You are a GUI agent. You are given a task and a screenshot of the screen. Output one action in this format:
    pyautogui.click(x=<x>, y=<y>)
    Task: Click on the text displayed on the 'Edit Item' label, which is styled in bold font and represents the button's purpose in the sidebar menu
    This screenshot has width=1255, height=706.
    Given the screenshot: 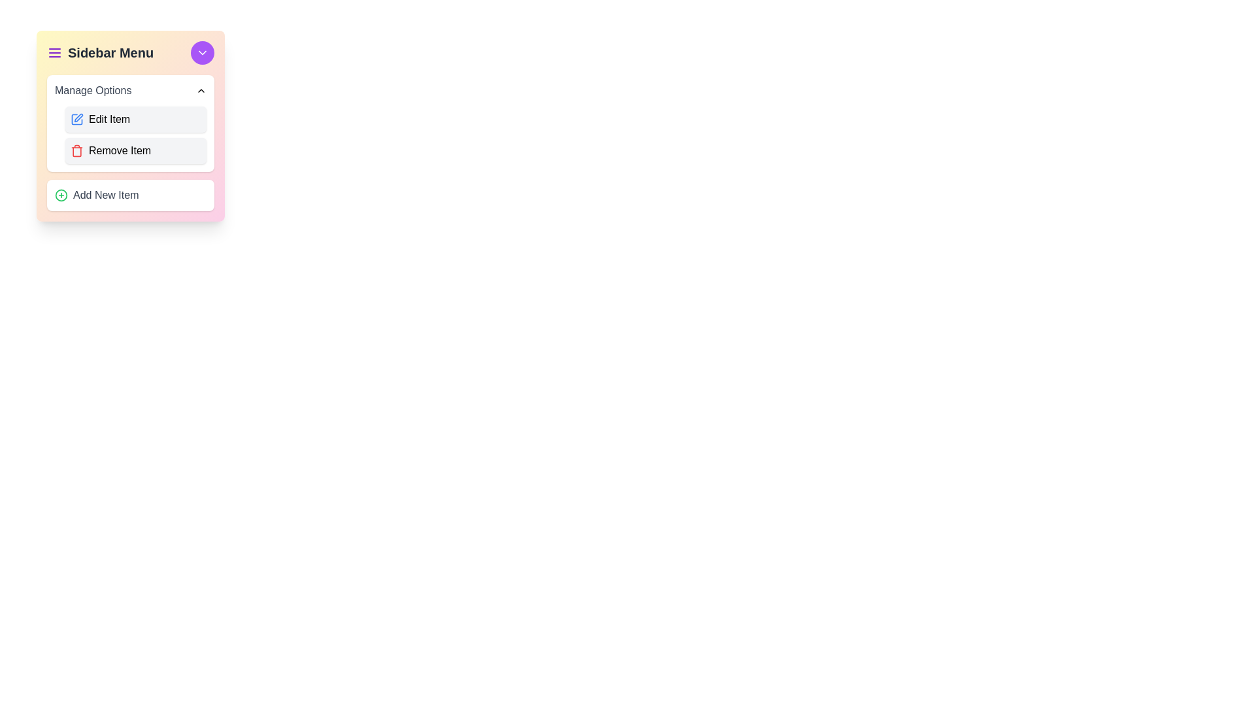 What is the action you would take?
    pyautogui.click(x=109, y=119)
    